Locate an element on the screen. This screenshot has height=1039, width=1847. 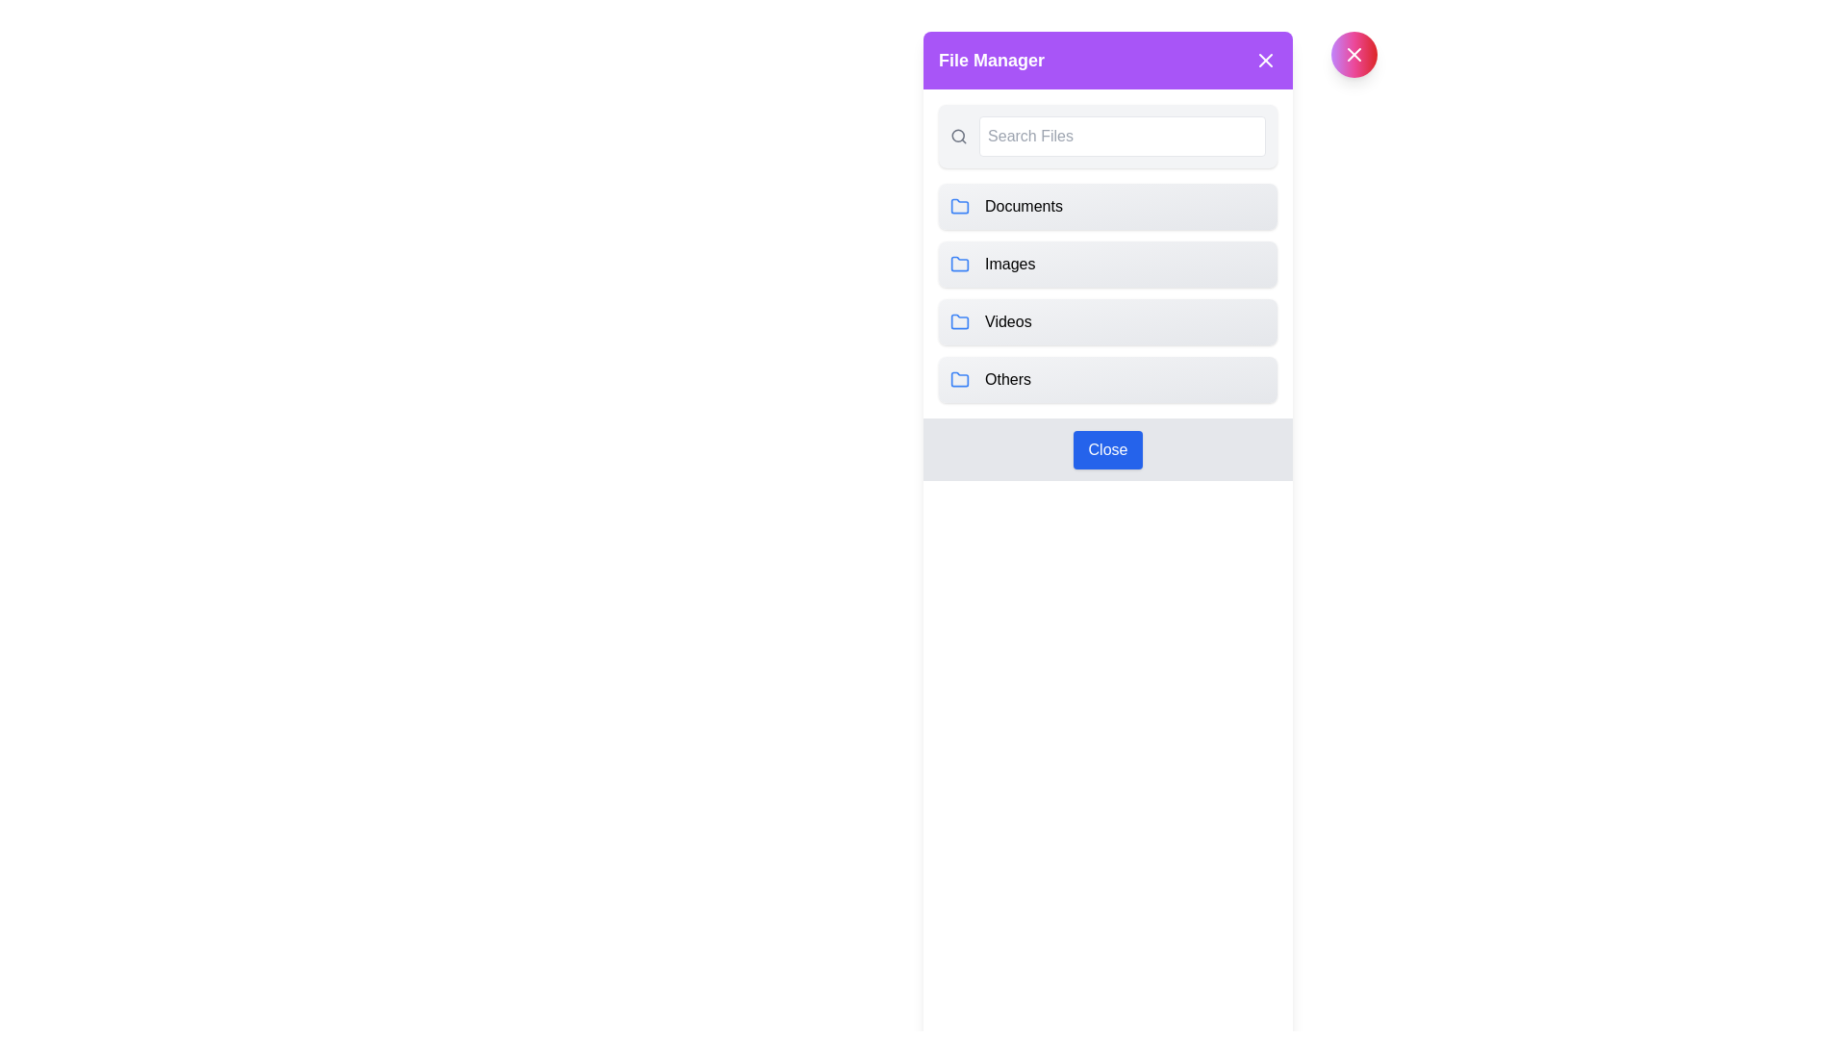
the close button located at the top right corner of the interface to trigger a scale animation is located at coordinates (1353, 54).